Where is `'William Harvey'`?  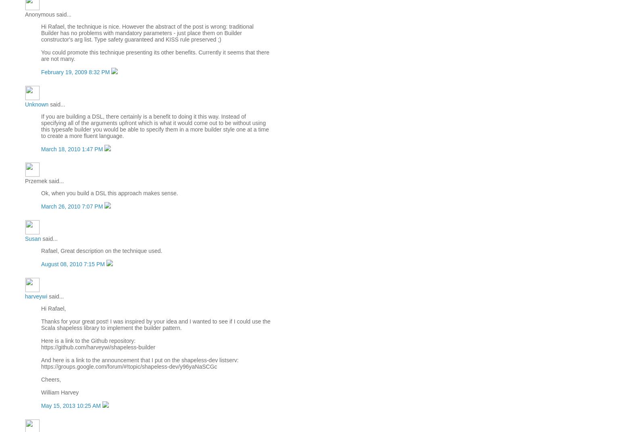
'William Harvey' is located at coordinates (59, 392).